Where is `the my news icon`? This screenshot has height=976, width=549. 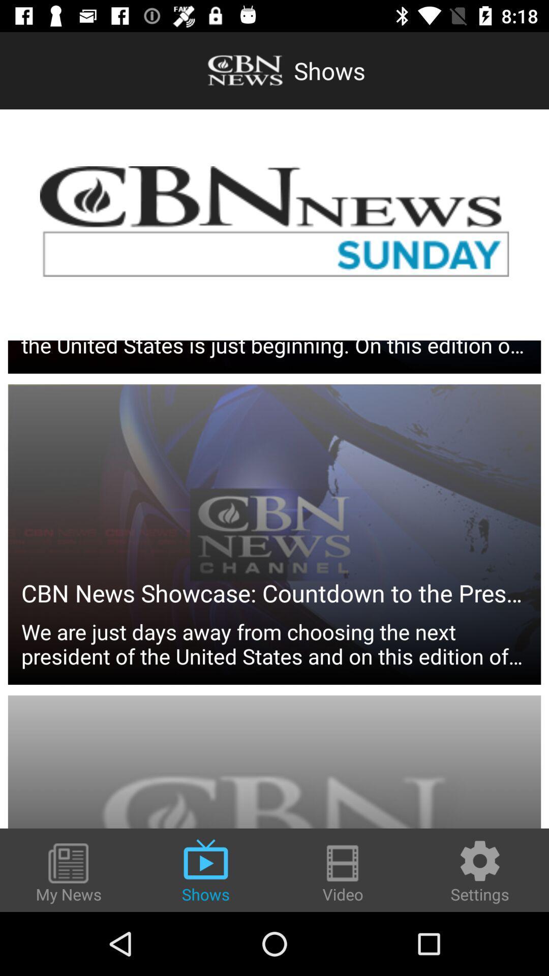 the my news icon is located at coordinates (69, 873).